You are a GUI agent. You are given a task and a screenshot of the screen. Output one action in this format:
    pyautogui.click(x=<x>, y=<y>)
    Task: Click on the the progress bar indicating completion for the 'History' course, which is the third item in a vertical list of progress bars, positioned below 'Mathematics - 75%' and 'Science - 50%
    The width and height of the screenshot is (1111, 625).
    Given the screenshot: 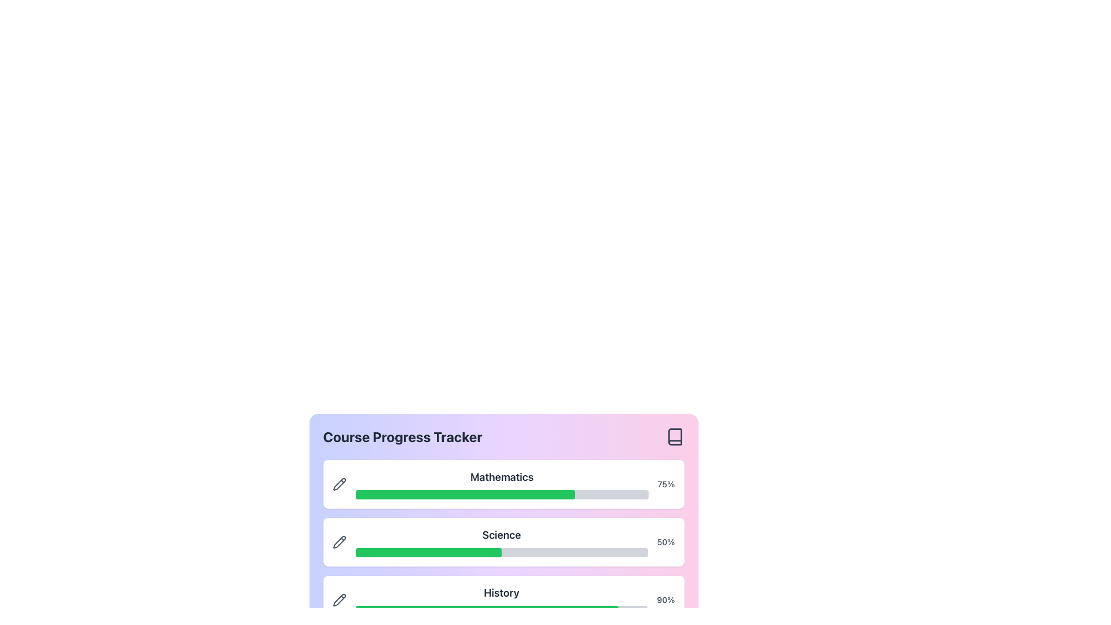 What is the action you would take?
    pyautogui.click(x=503, y=600)
    